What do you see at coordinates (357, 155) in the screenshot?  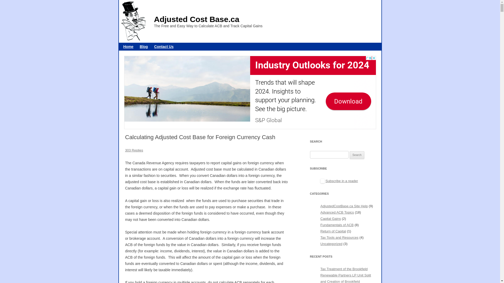 I see `'Search'` at bounding box center [357, 155].